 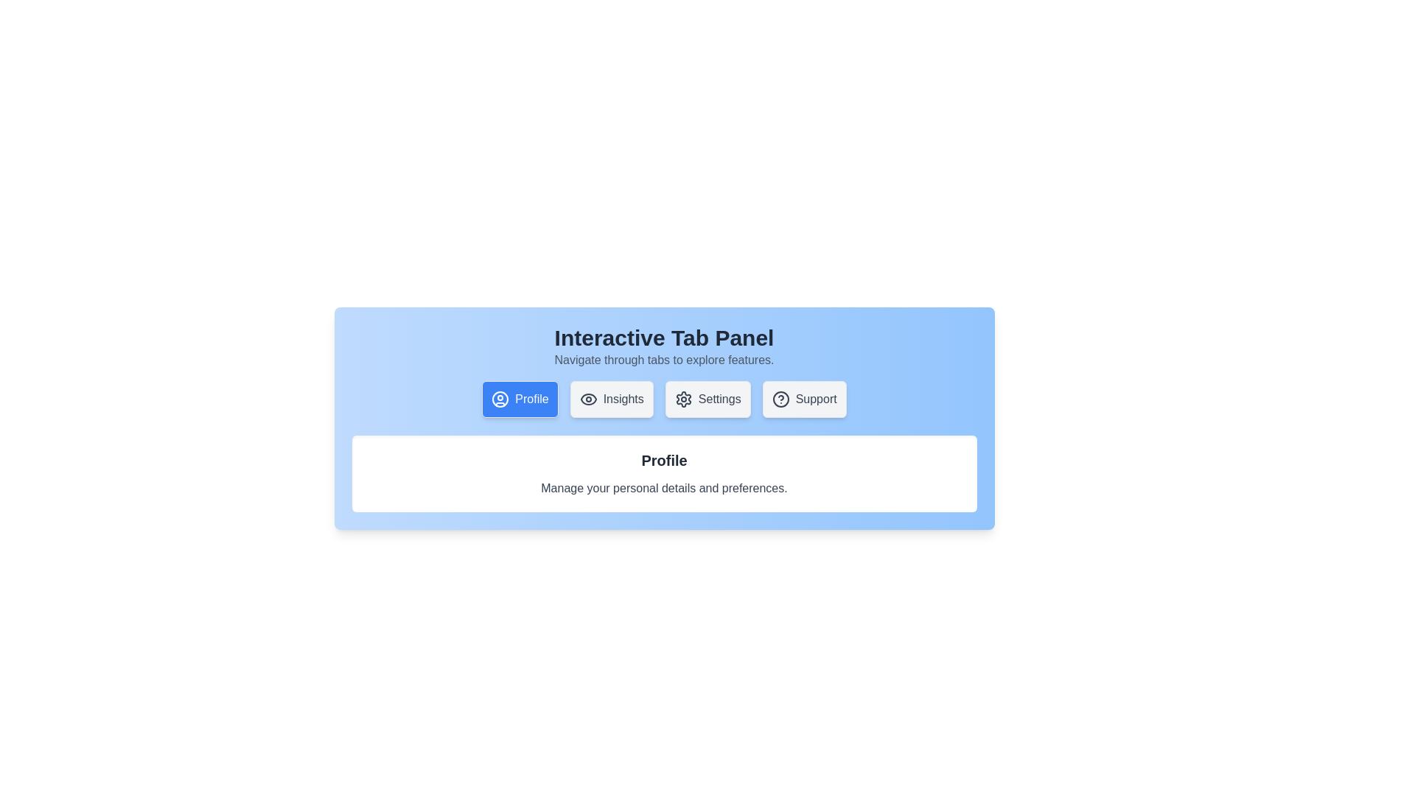 What do you see at coordinates (520, 399) in the screenshot?
I see `the Profile tab to view its content` at bounding box center [520, 399].